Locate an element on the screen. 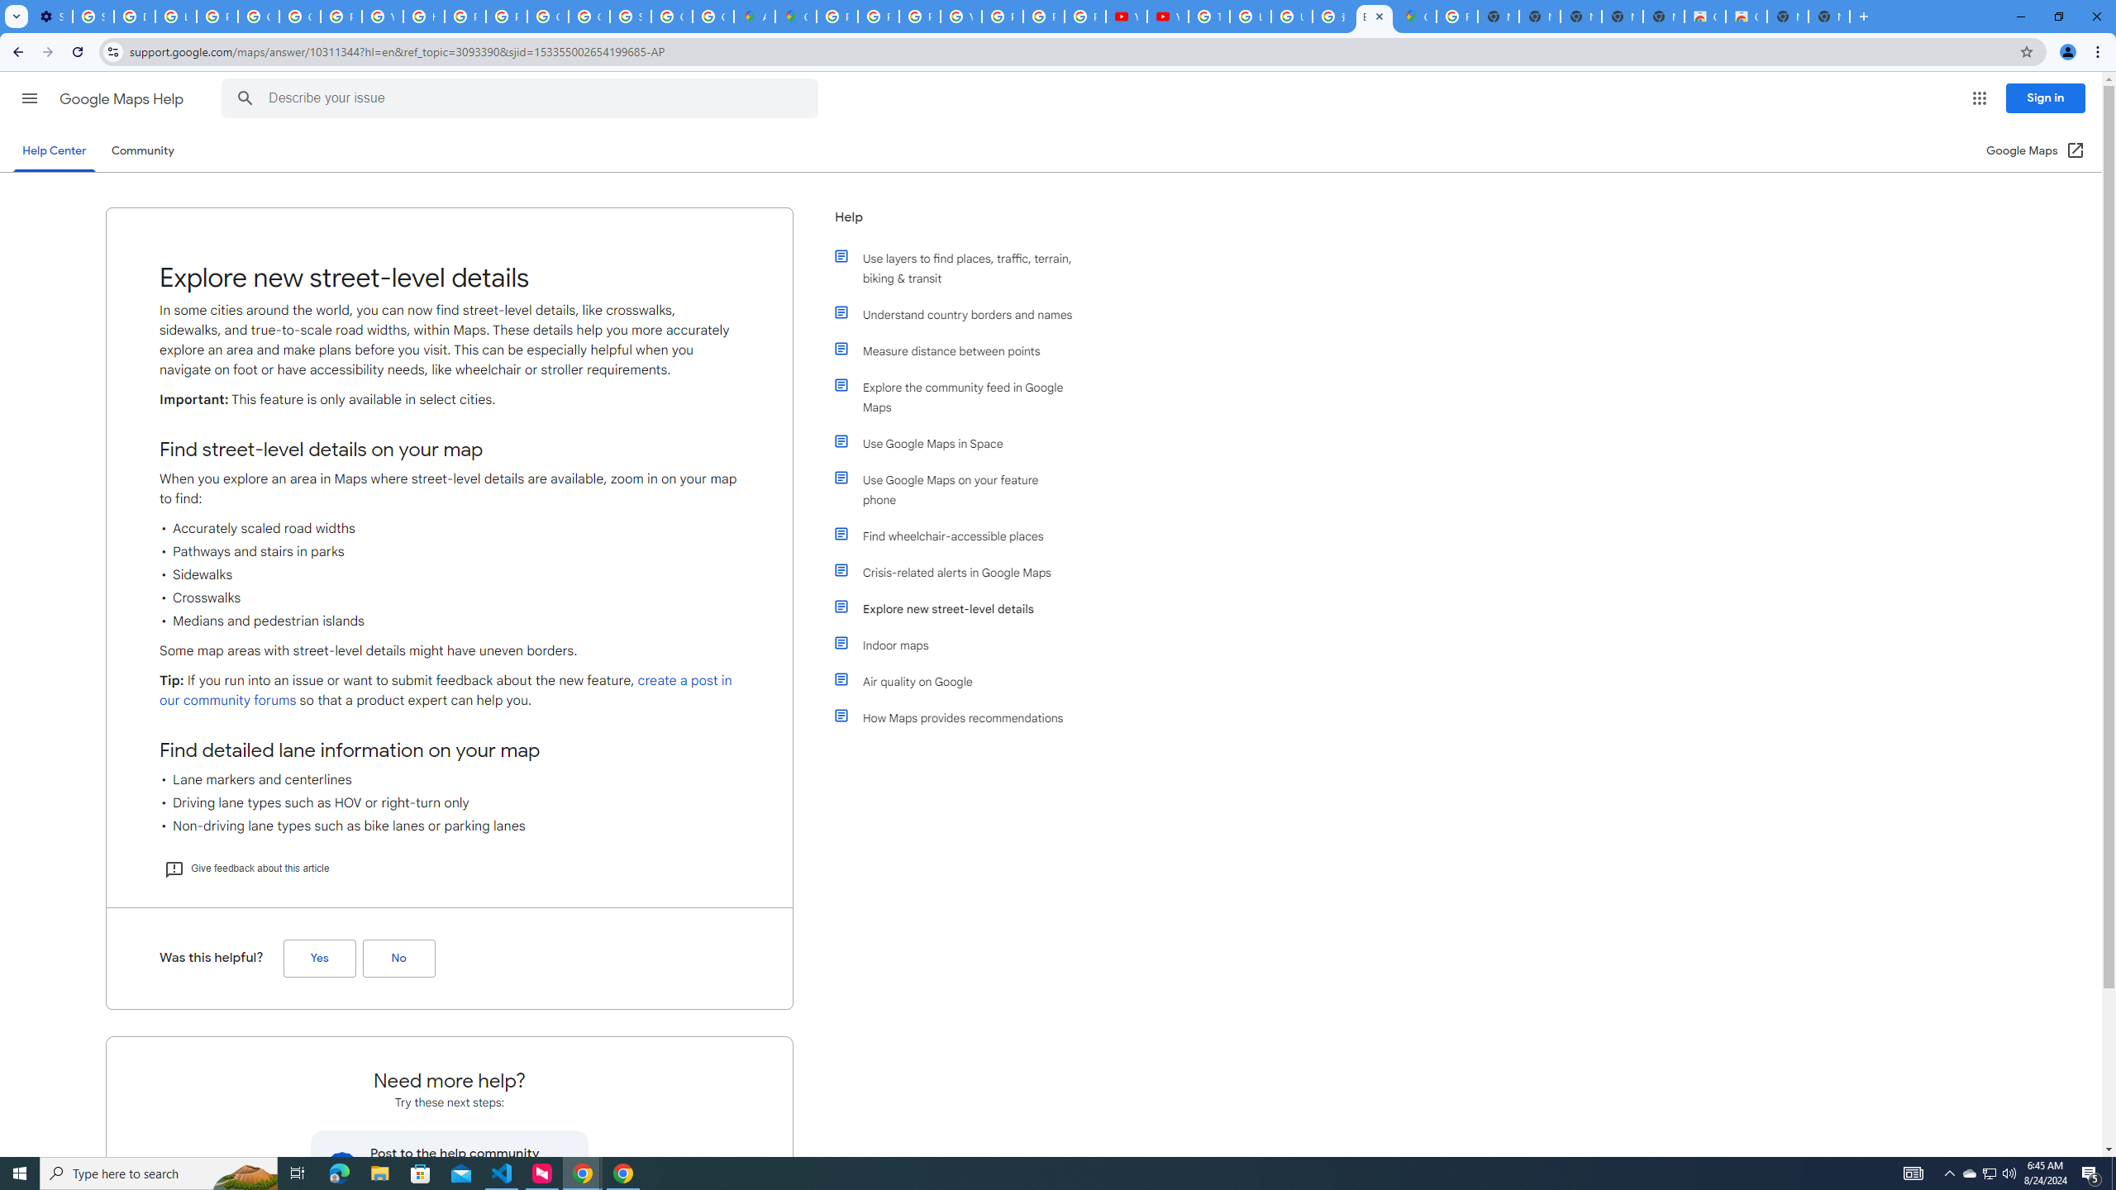 This screenshot has width=2116, height=1190. 'Use Google Maps on your feature phone' is located at coordinates (960, 488).